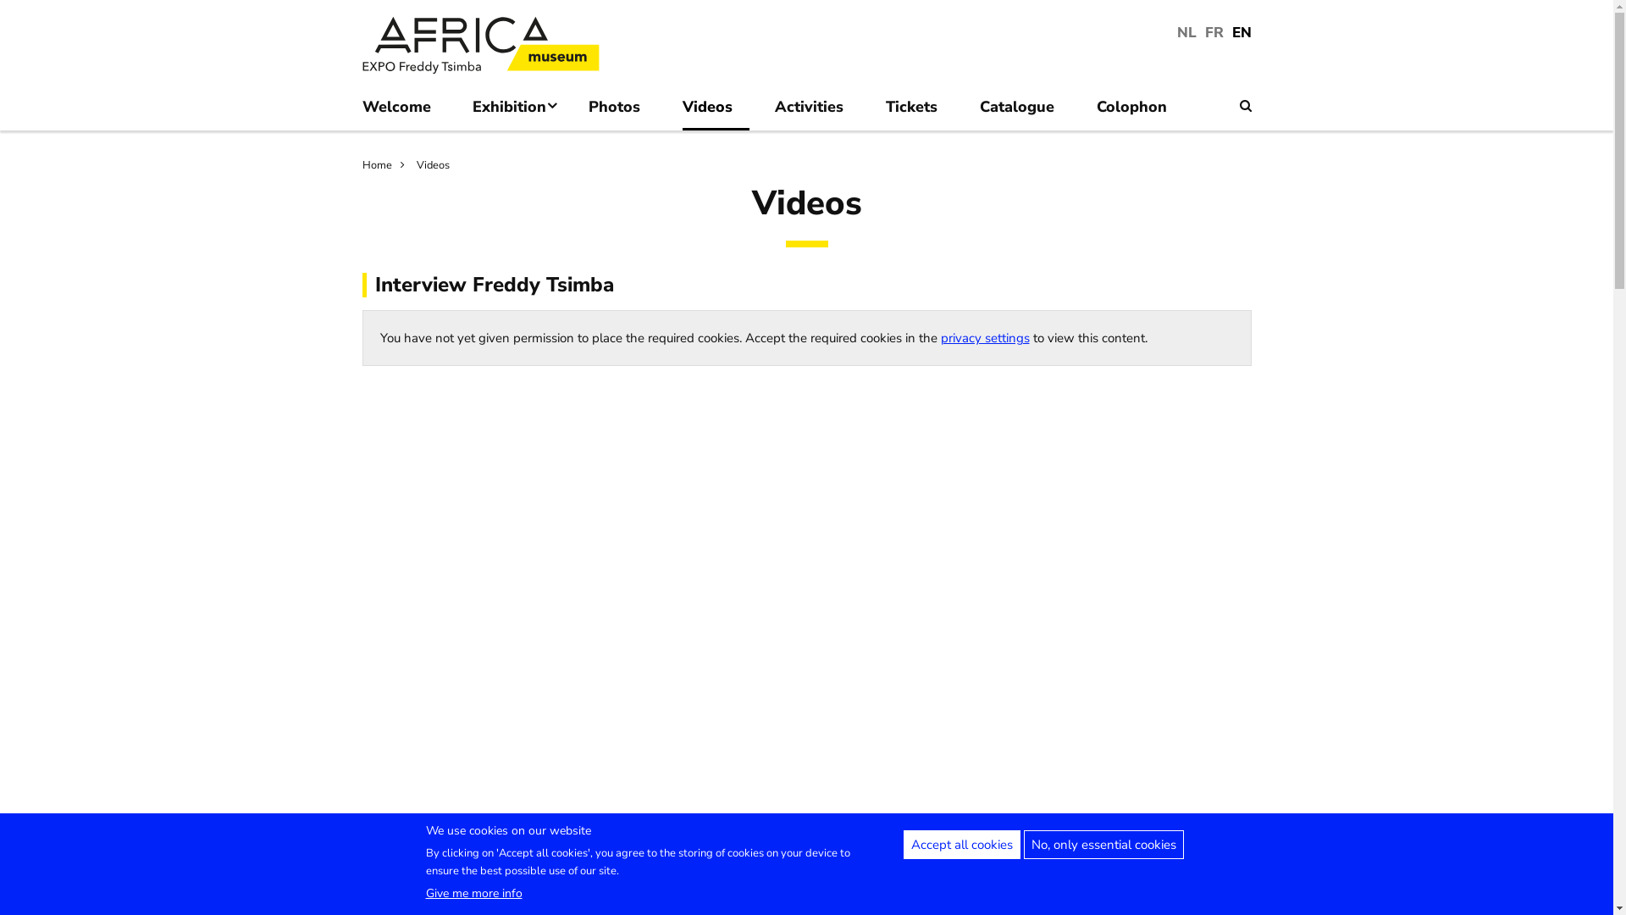  What do you see at coordinates (1245, 105) in the screenshot?
I see `'Search'` at bounding box center [1245, 105].